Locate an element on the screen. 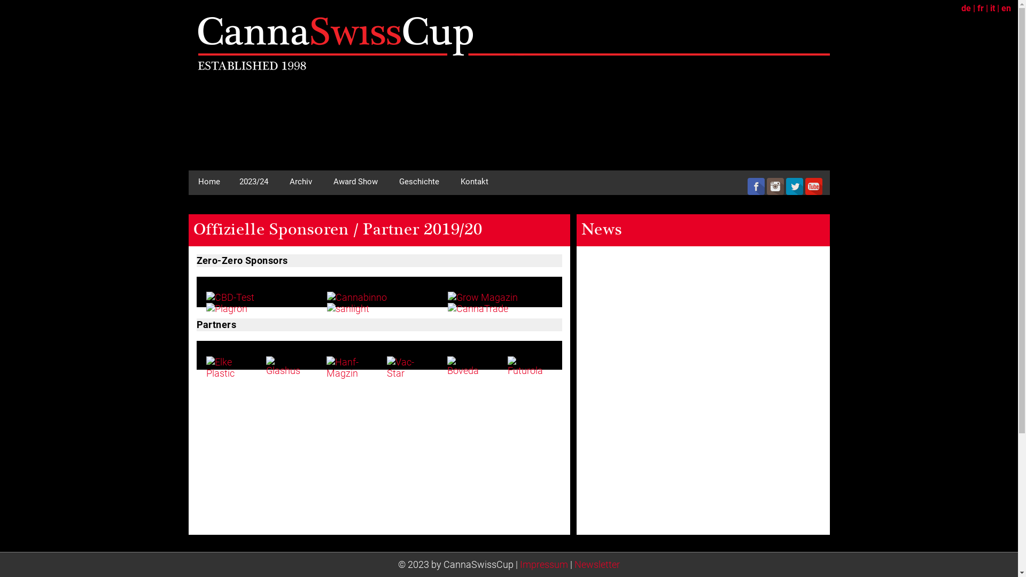  'en' is located at coordinates (1000, 8).